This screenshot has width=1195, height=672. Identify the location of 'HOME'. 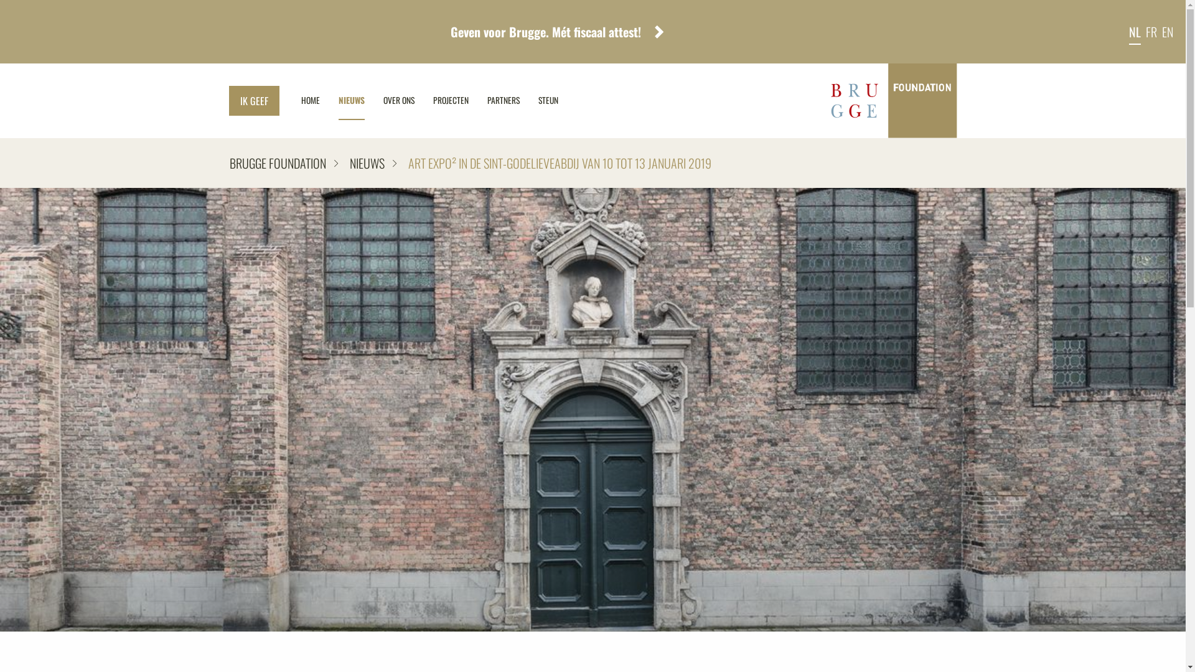
(290, 100).